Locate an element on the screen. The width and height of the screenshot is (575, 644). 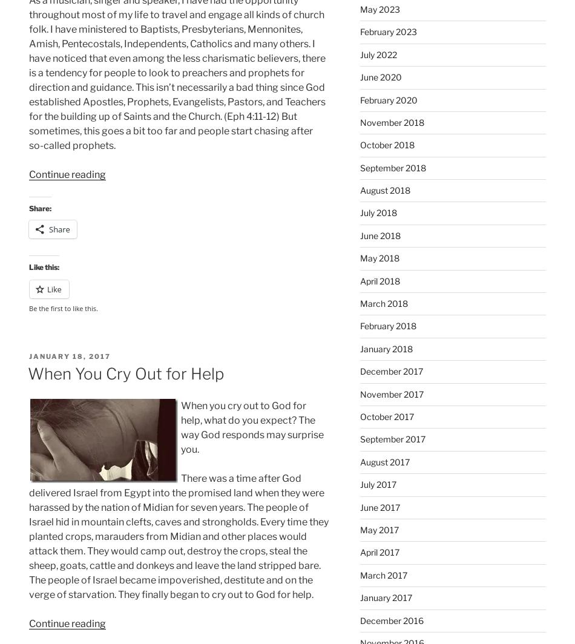
'December 2017' is located at coordinates (360, 371).